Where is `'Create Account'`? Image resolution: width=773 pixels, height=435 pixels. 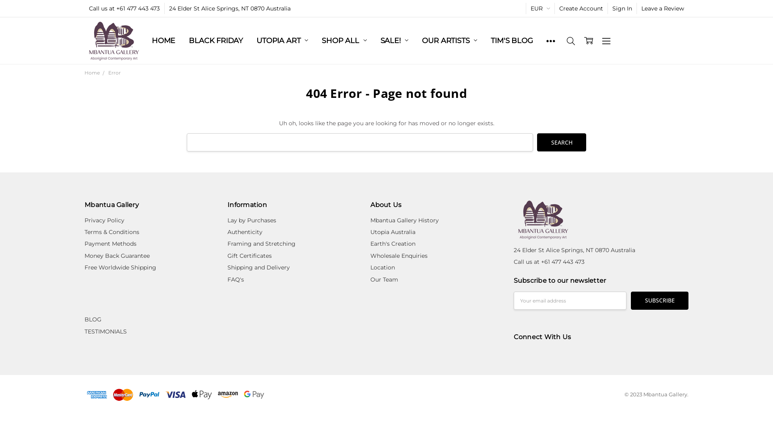
'Create Account' is located at coordinates (581, 8).